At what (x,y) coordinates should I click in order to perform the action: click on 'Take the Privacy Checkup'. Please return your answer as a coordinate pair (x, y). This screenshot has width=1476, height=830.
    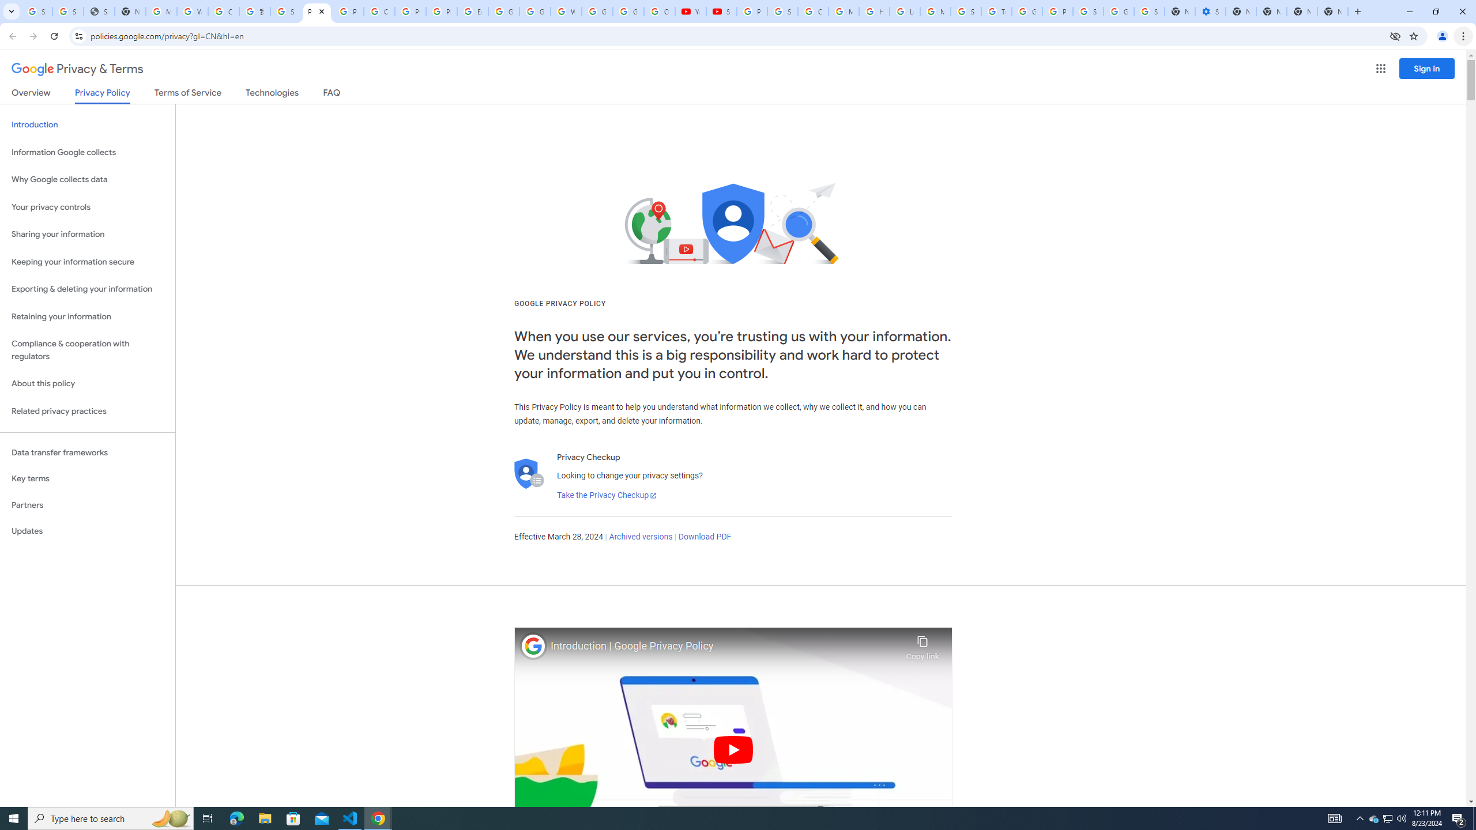
    Looking at the image, I should click on (606, 495).